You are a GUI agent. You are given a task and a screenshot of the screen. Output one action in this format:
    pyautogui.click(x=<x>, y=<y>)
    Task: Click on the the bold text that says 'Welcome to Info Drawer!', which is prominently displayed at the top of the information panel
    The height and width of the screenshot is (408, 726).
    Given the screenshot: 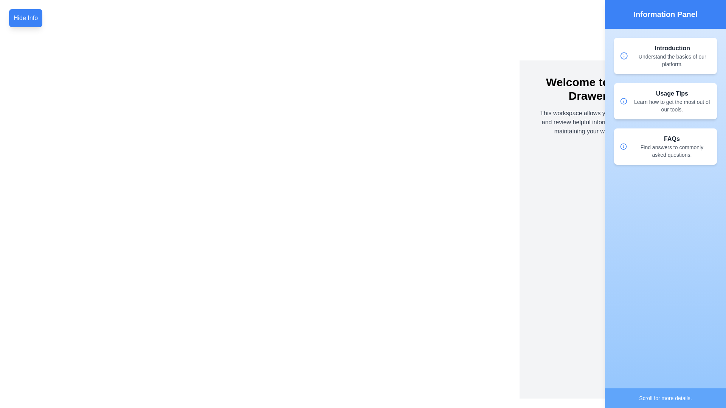 What is the action you would take?
    pyautogui.click(x=589, y=88)
    